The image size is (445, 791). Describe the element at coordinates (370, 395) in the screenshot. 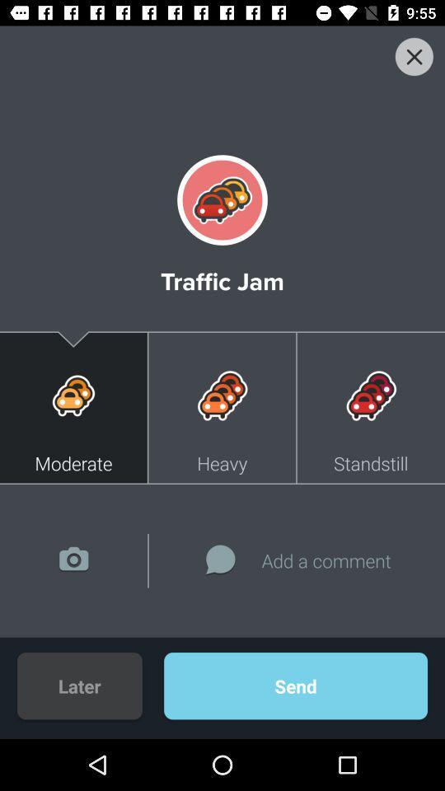

I see `the image above the button standstill on the web page` at that location.